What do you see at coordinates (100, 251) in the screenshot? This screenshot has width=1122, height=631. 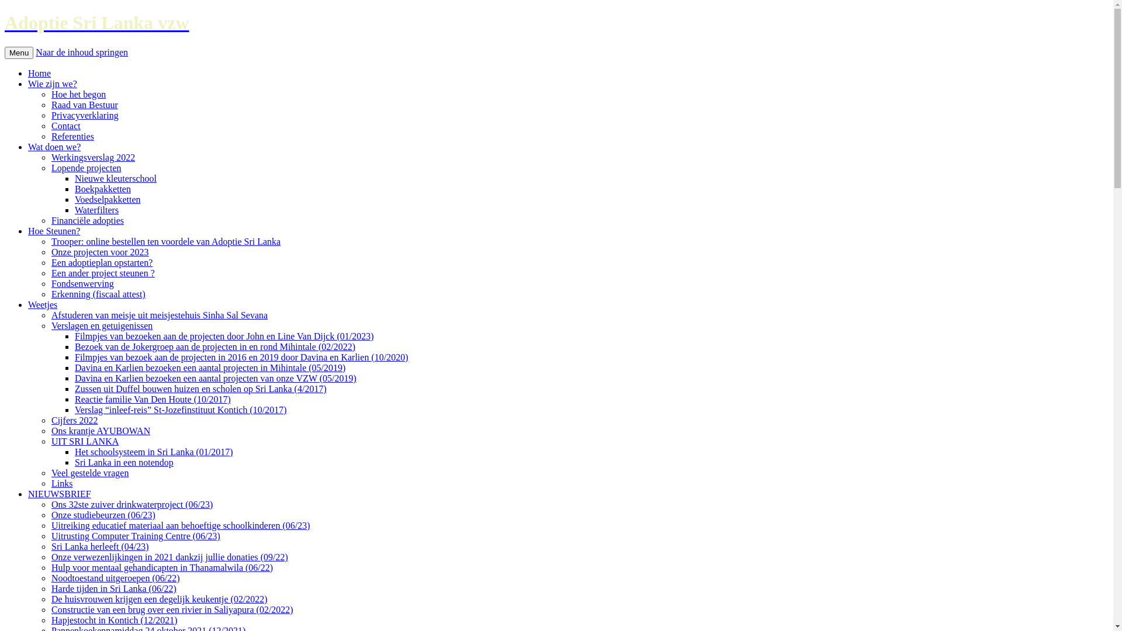 I see `'Onze projecten voor 2023'` at bounding box center [100, 251].